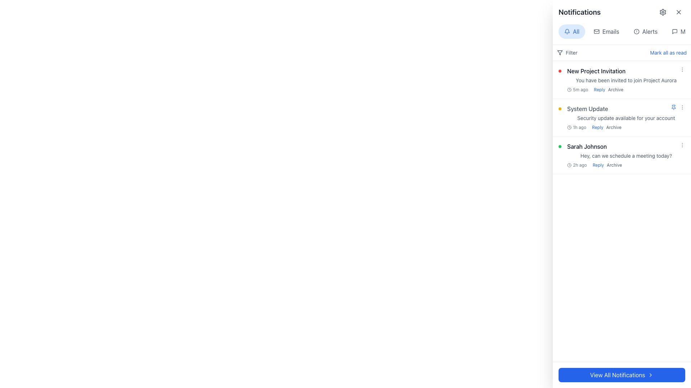  I want to click on the 'Archive' link in the notification actions for the 'New Project Invitation', so click(608, 89).